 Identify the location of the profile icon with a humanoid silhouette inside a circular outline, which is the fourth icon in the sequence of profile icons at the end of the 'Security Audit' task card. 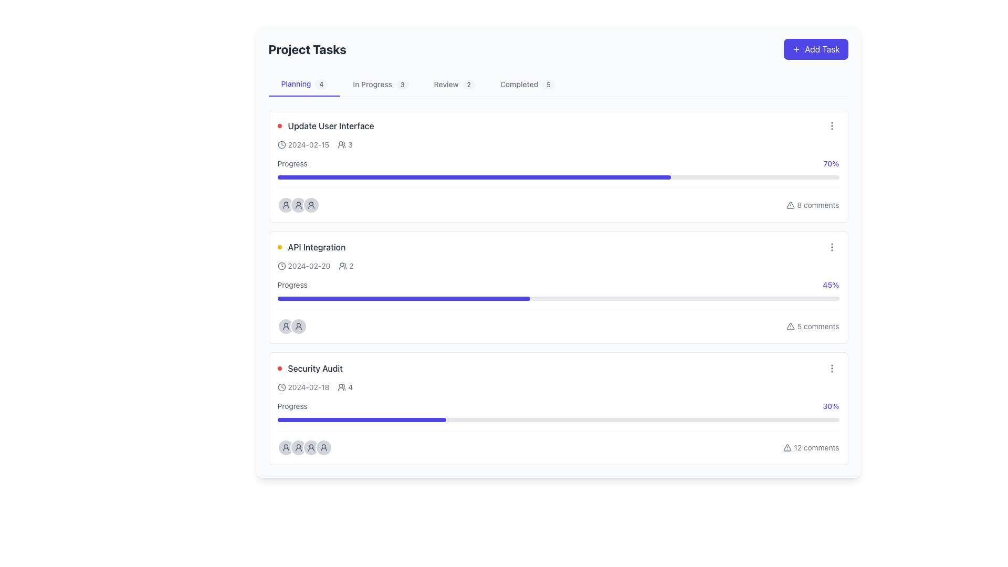
(323, 447).